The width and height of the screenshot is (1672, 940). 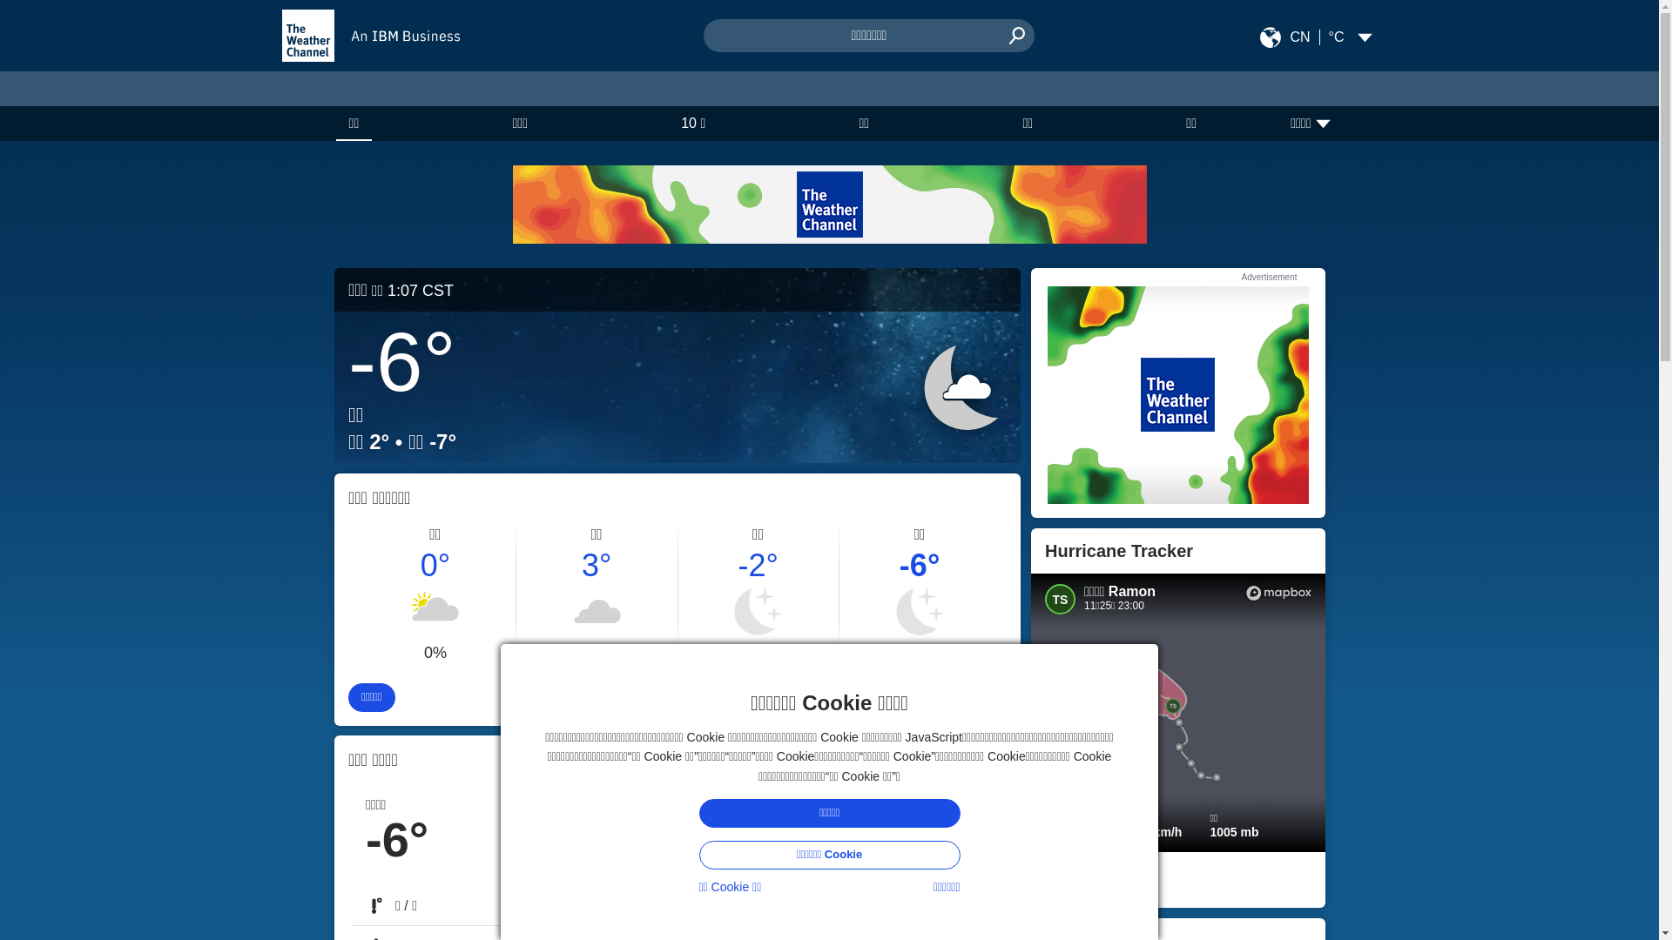 I want to click on '3rd party ad content', so click(x=1177, y=395).